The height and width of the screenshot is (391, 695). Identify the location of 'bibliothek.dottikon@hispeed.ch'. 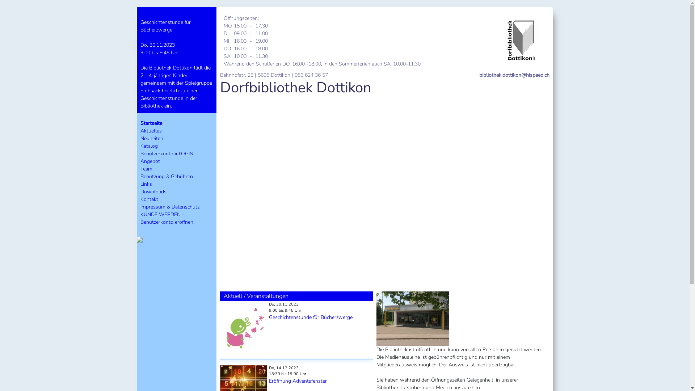
(514, 75).